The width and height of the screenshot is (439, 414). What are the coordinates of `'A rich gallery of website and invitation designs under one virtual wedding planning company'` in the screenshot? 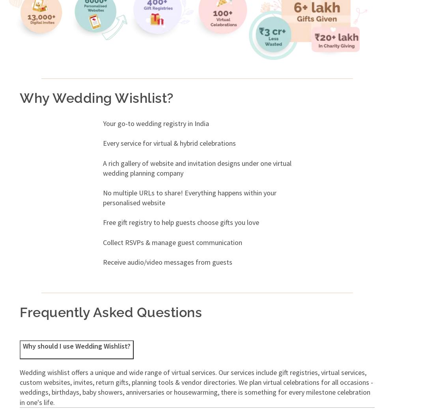 It's located at (196, 167).